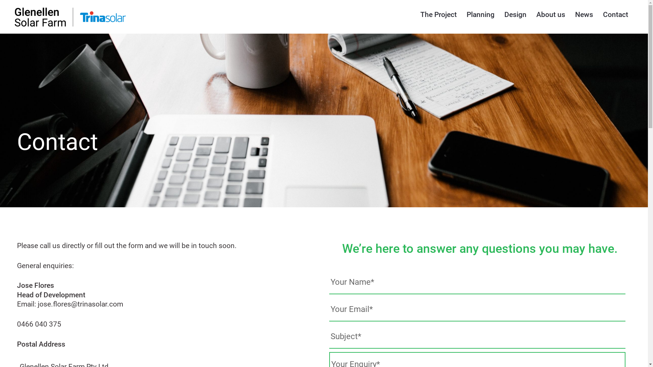 Image resolution: width=653 pixels, height=367 pixels. Describe the element at coordinates (0, 0) in the screenshot. I see `'Skip to content'` at that location.